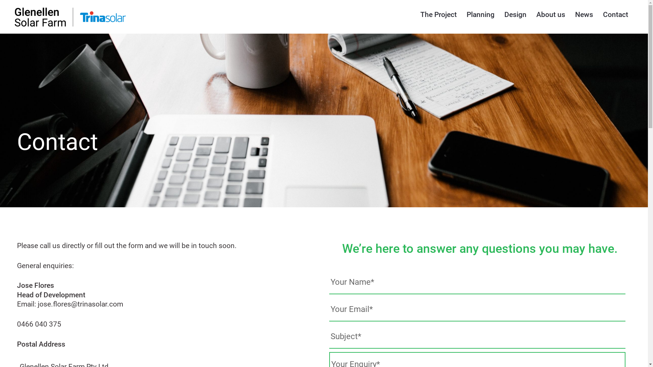 Image resolution: width=653 pixels, height=367 pixels. Describe the element at coordinates (0, 0) in the screenshot. I see `'Skip to content'` at that location.